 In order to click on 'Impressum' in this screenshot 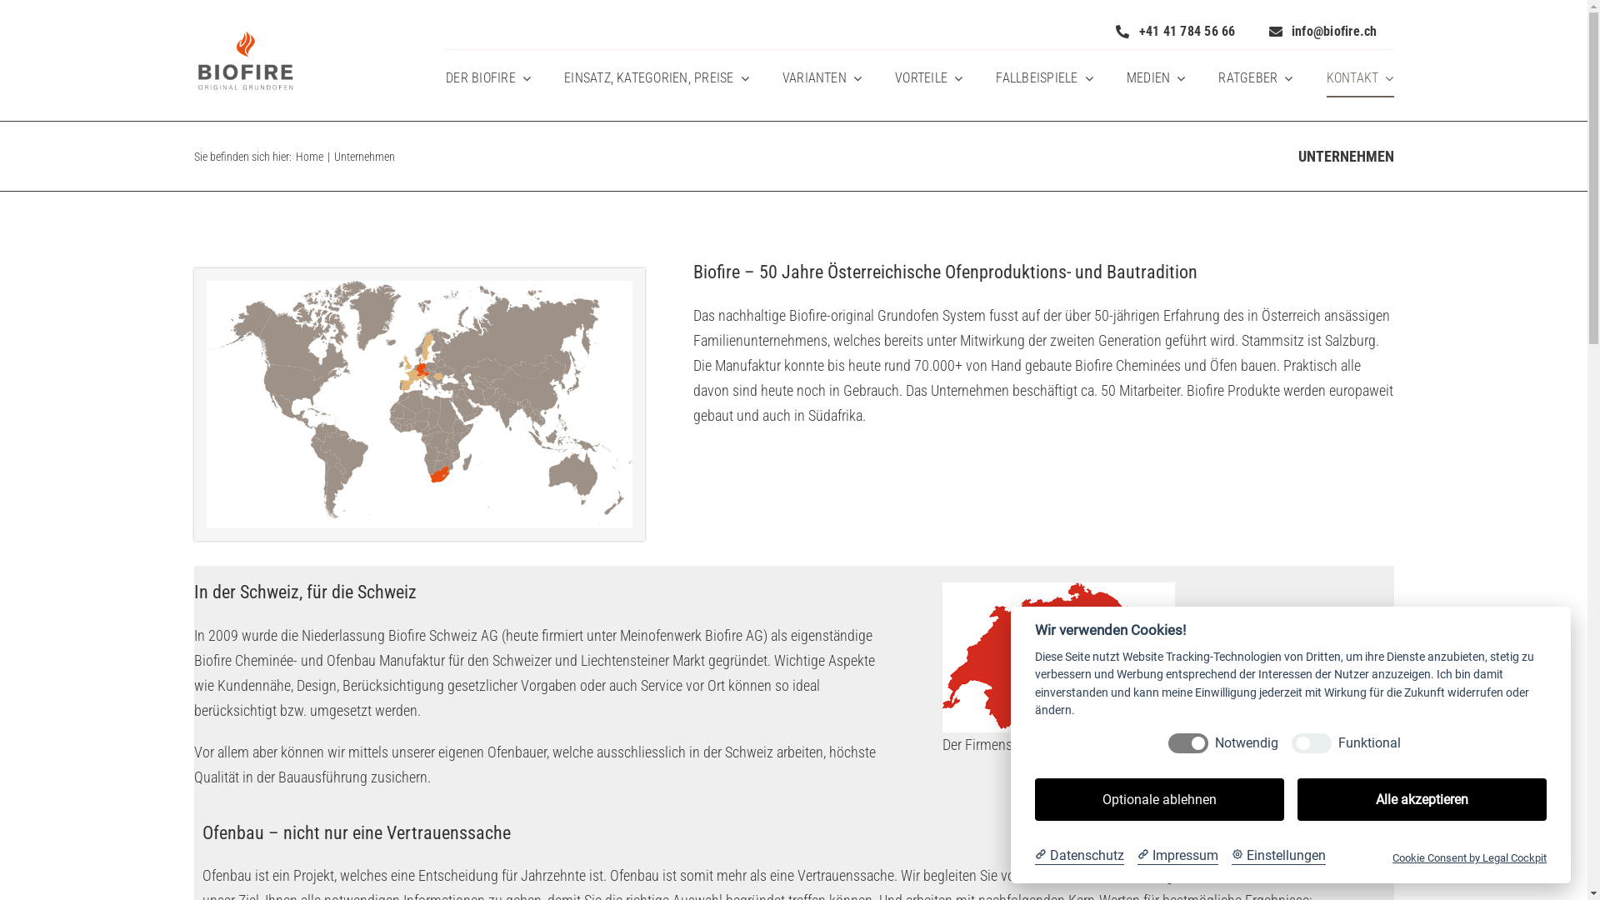, I will do `click(1177, 855)`.